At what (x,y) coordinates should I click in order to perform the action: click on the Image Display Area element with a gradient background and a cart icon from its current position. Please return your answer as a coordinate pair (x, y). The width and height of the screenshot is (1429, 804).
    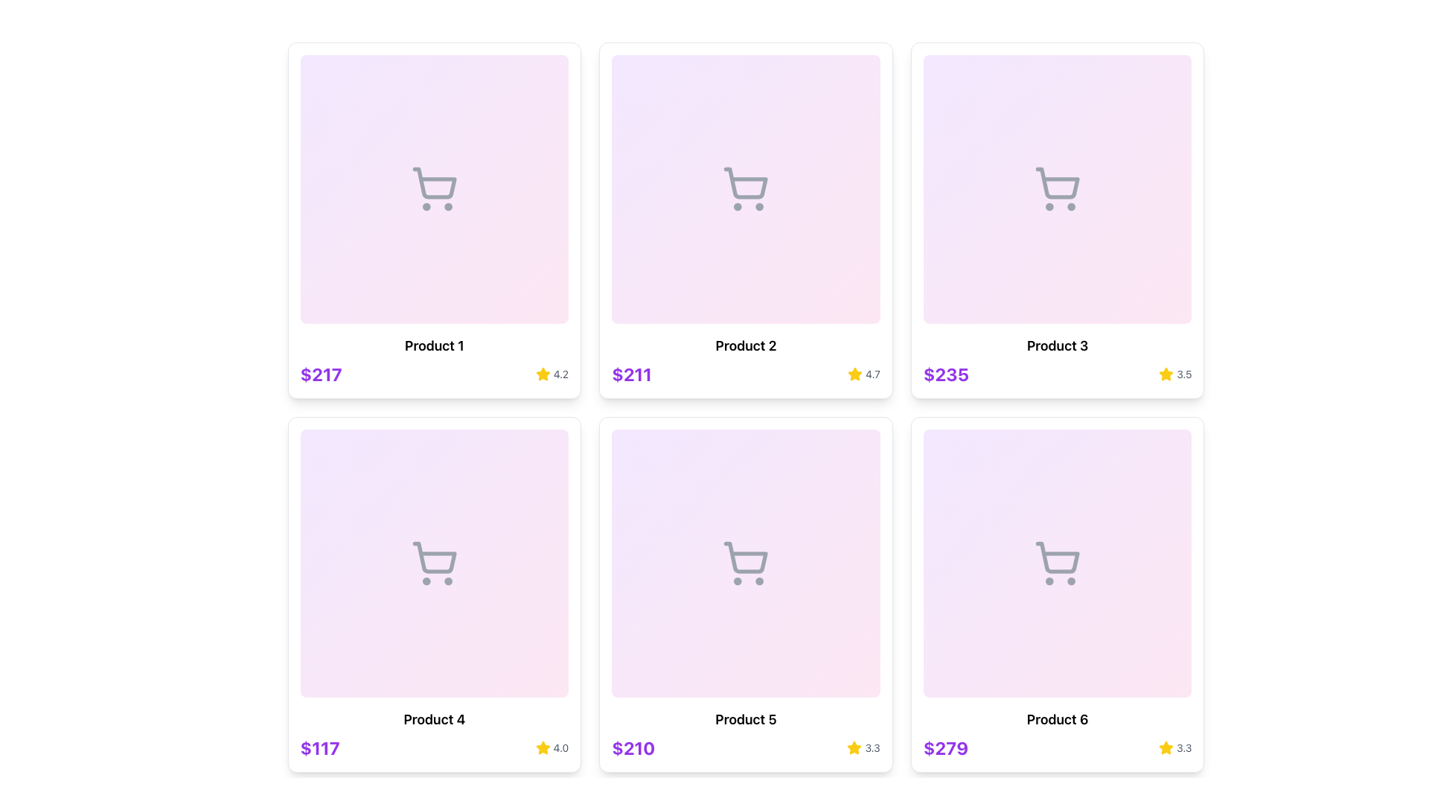
    Looking at the image, I should click on (433, 563).